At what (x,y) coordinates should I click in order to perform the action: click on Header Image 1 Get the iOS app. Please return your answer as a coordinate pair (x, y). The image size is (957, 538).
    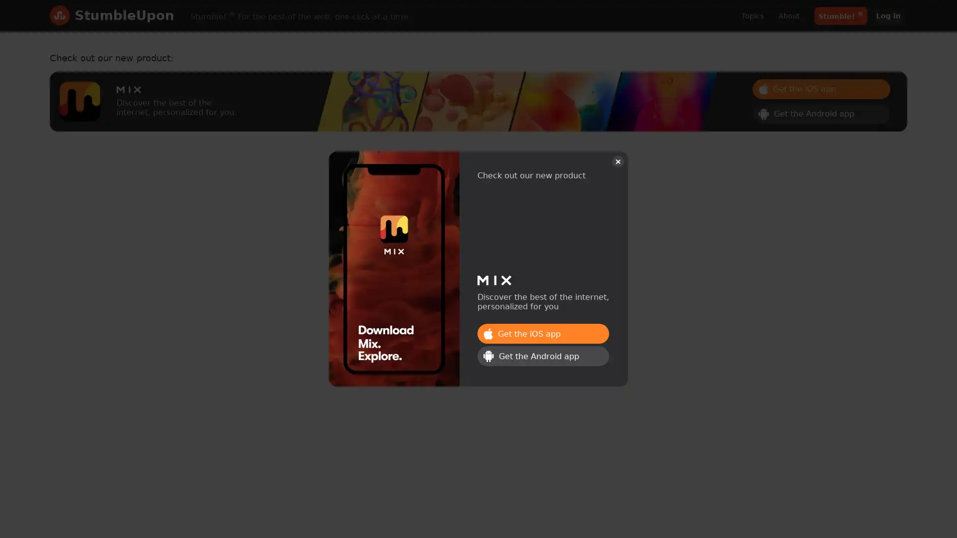
    Looking at the image, I should click on (821, 88).